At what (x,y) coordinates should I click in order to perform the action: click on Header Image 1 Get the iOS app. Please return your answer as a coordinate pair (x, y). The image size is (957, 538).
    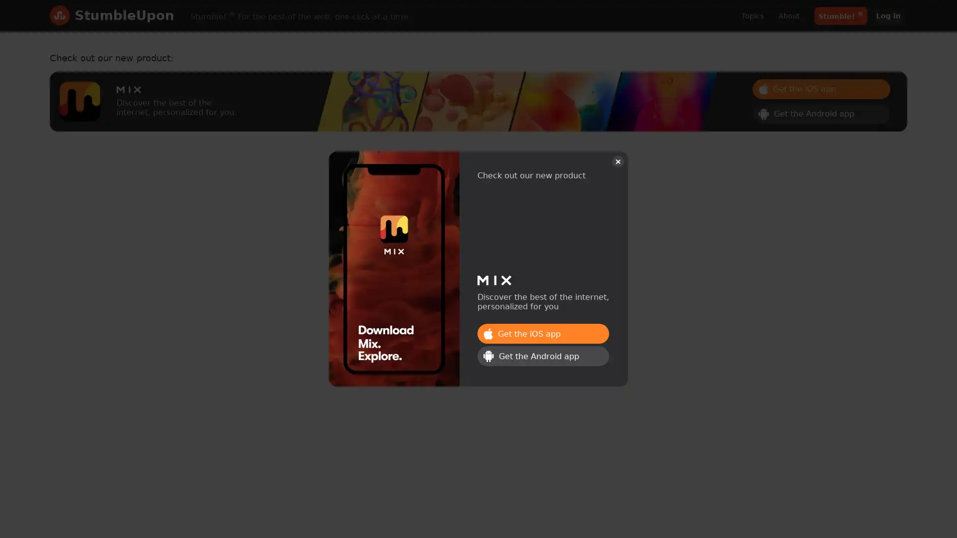
    Looking at the image, I should click on (821, 88).